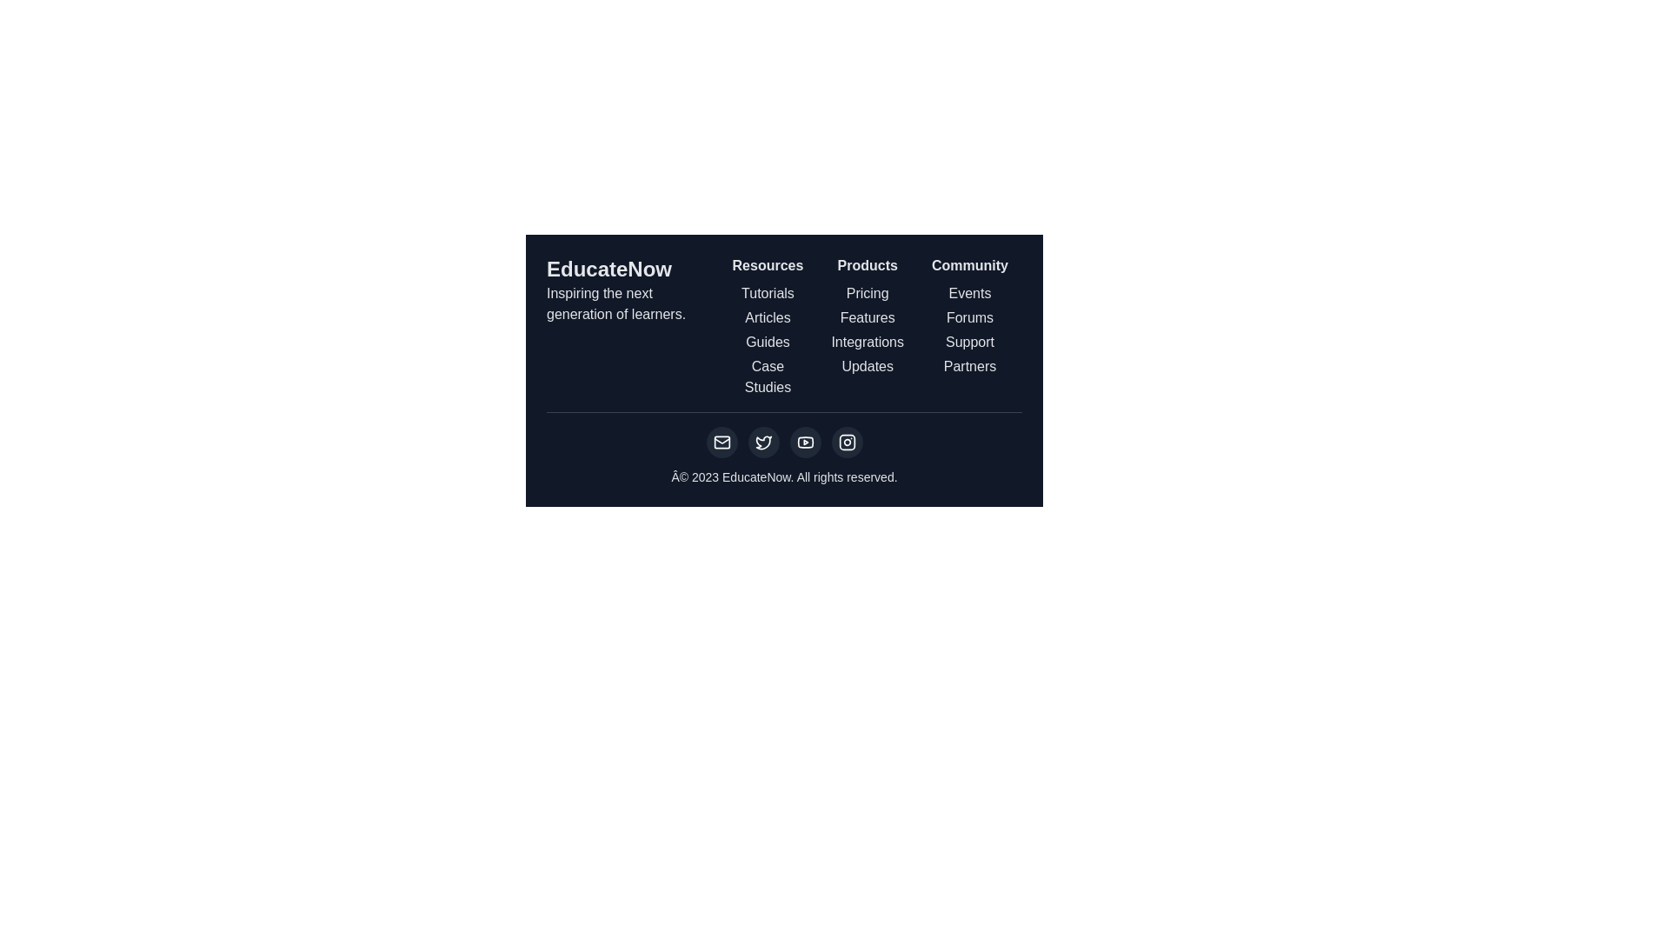 The width and height of the screenshot is (1669, 939). Describe the element at coordinates (804, 442) in the screenshot. I see `the third clickable button with an icon for YouTube, located at the bottom section of the page among other social media links` at that location.